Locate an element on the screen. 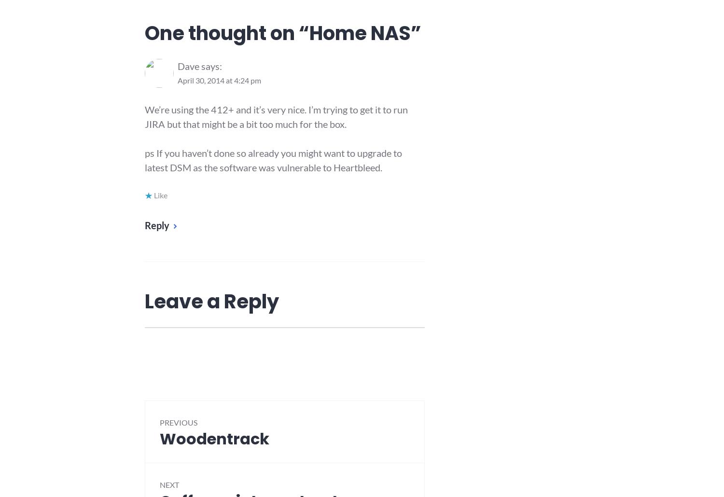 Image resolution: width=724 pixels, height=497 pixels. 'ps If you haven’t done so already you might want to upgrade to latest DSM as the software was vulnerable to Heartbleed.' is located at coordinates (145, 159).